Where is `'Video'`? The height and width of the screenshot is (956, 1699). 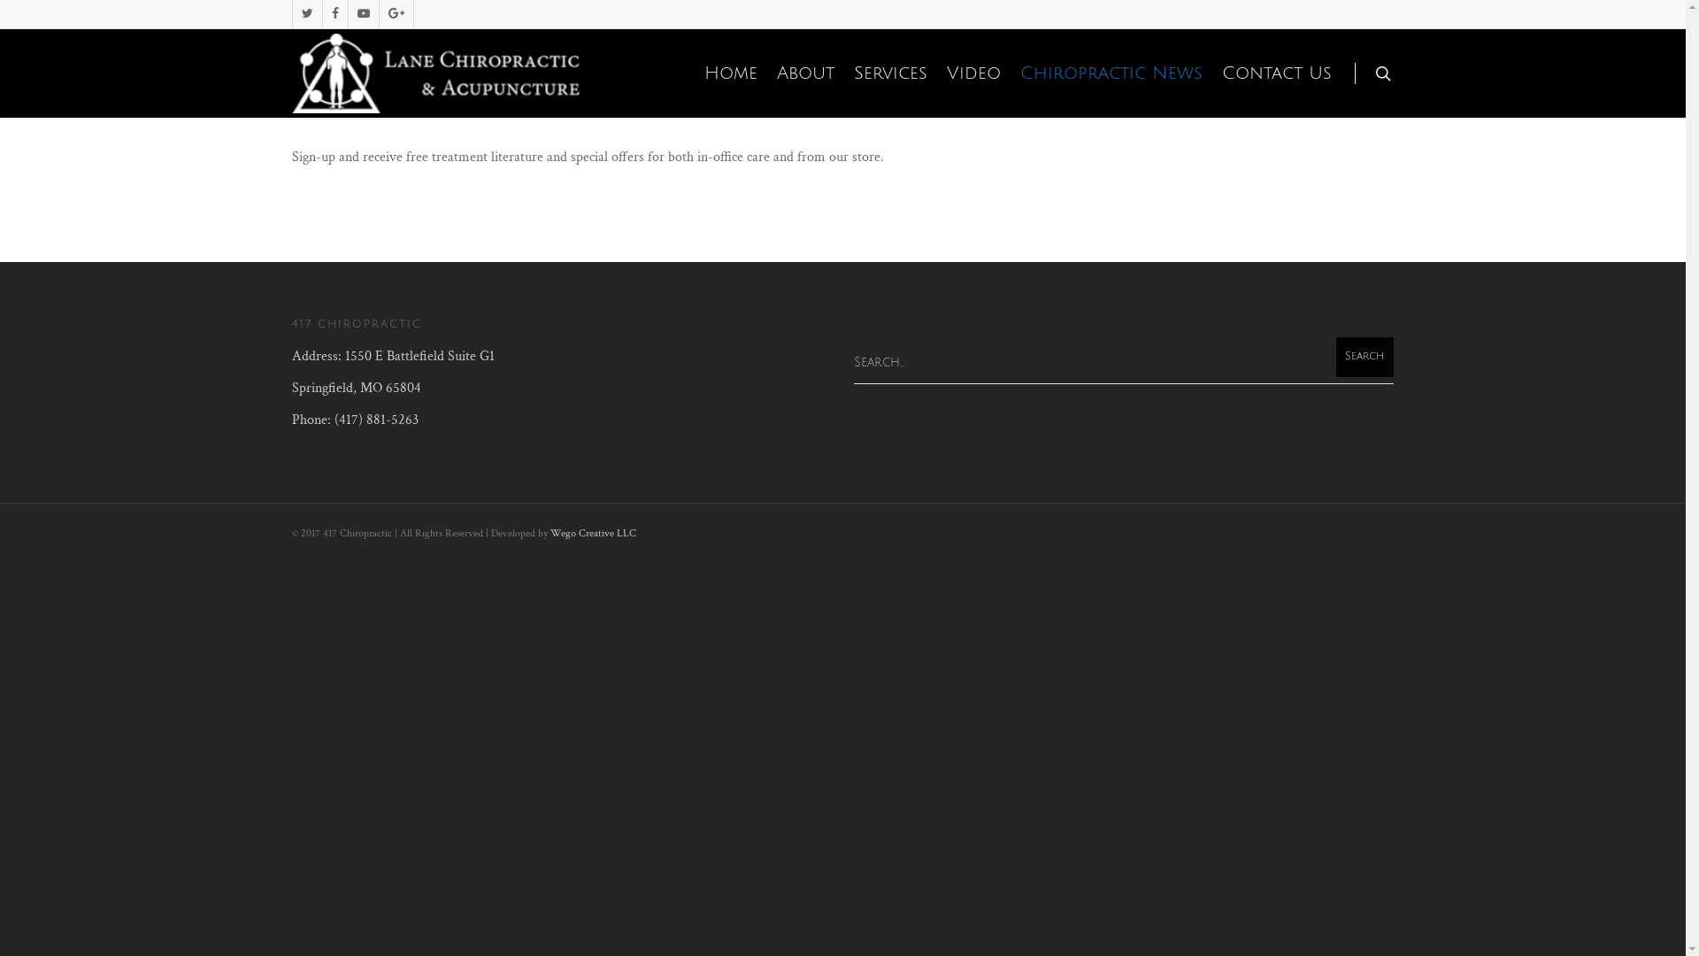
'Video' is located at coordinates (973, 74).